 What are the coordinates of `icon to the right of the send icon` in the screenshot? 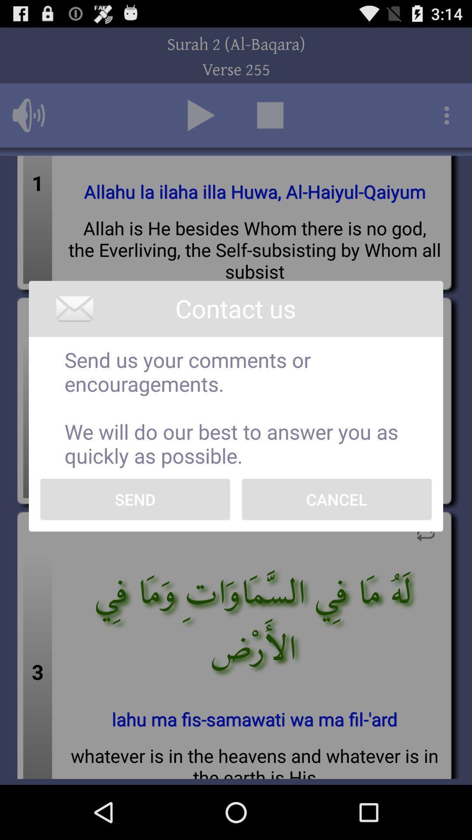 It's located at (336, 499).